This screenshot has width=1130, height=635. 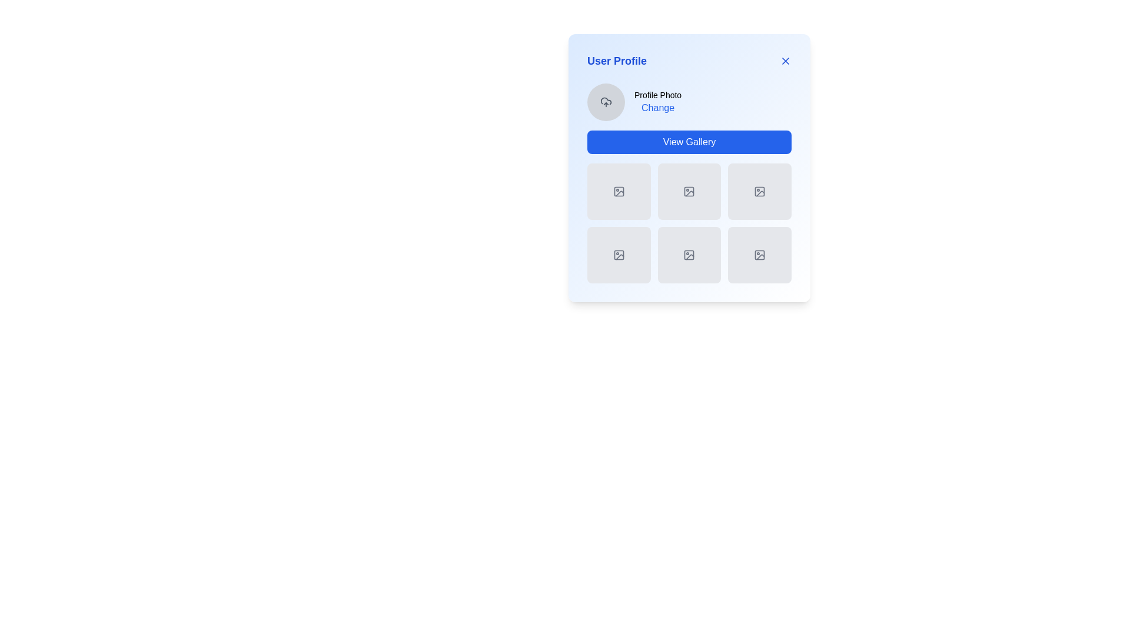 What do you see at coordinates (618, 255) in the screenshot?
I see `the center of the media content placeholder located in the bottom-left section of the three-by-three grid within the 'User Profile' modal` at bounding box center [618, 255].